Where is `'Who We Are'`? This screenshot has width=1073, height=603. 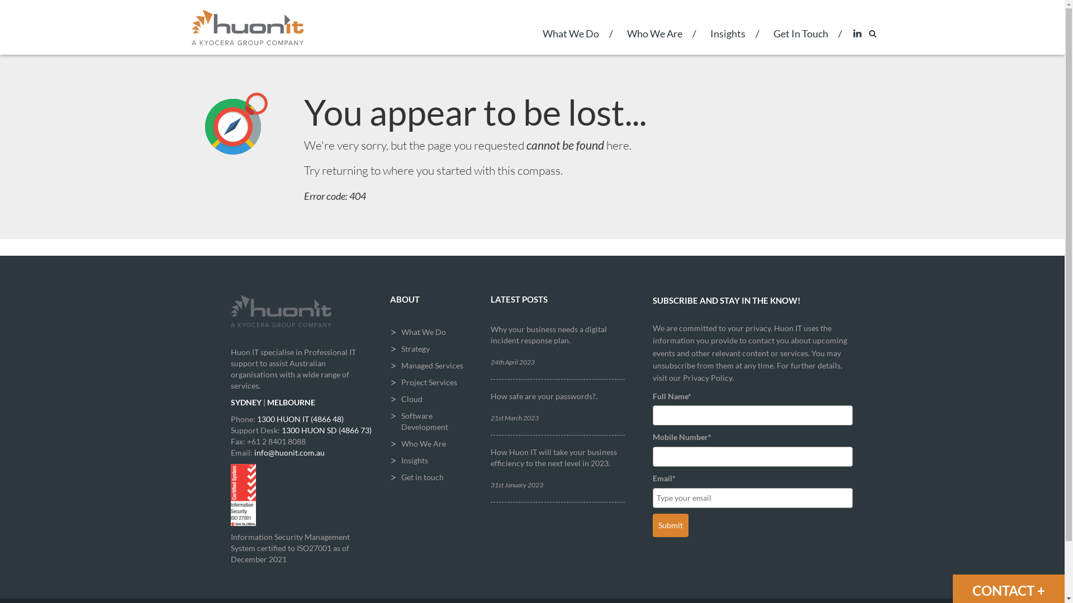
'Who We Are' is located at coordinates (654, 40).